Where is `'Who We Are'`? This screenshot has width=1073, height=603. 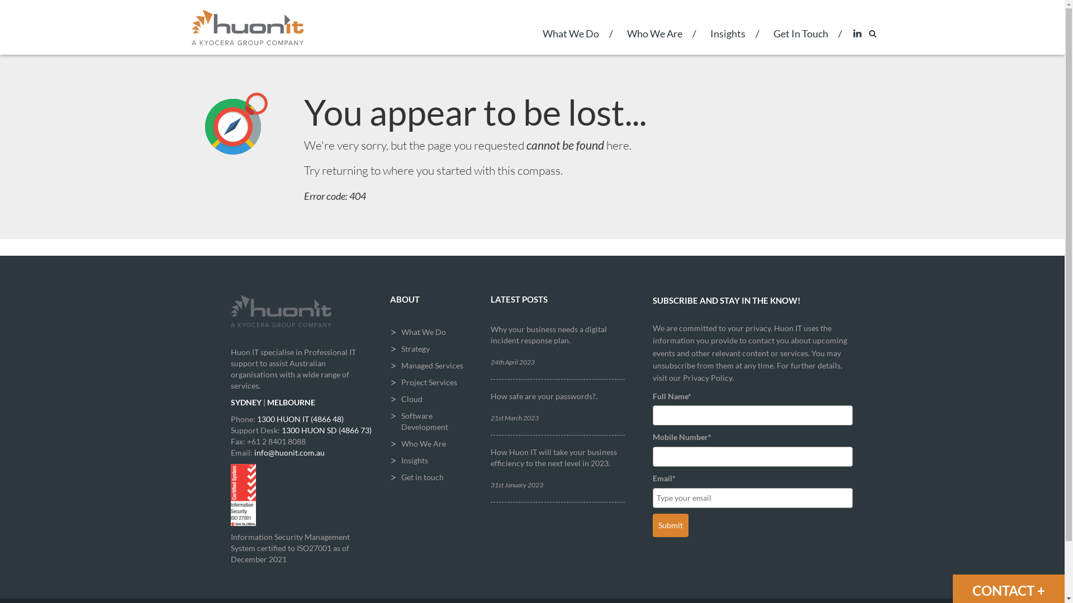
'Who We Are' is located at coordinates (654, 40).